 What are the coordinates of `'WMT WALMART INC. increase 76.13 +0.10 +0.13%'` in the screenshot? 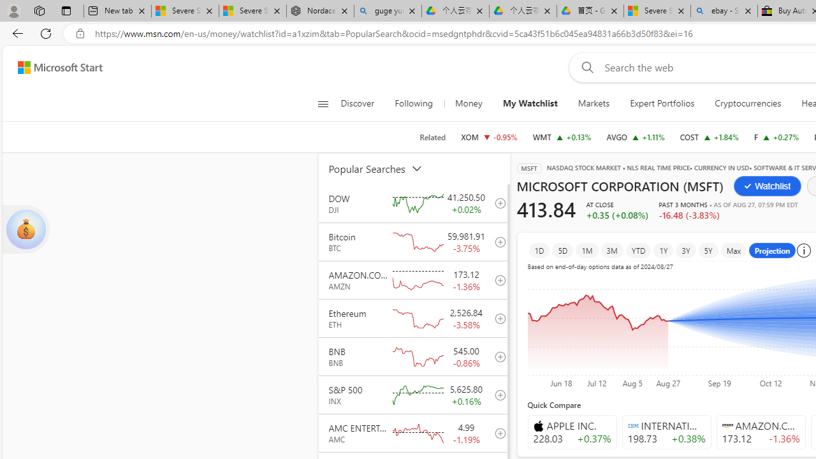 It's located at (561, 136).